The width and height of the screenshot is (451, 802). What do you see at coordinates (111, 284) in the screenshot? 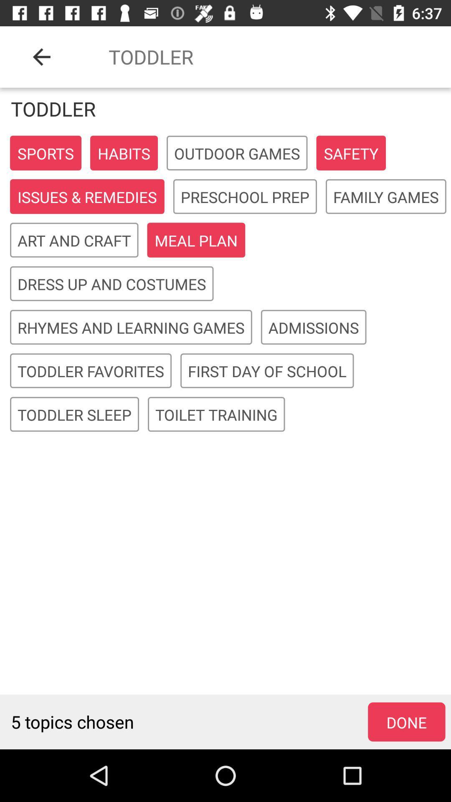
I see `the box below art and craft` at bounding box center [111, 284].